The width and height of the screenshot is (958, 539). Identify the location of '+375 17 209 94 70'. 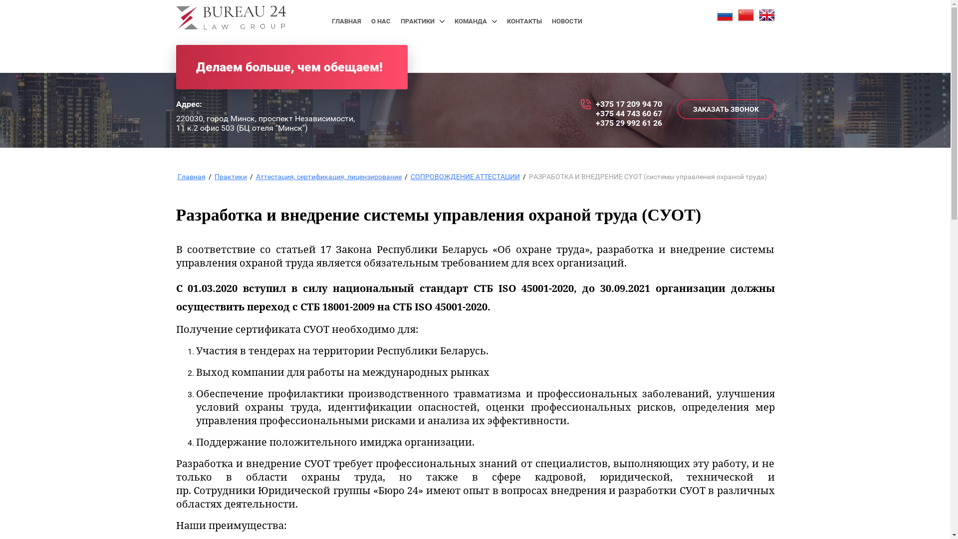
(628, 104).